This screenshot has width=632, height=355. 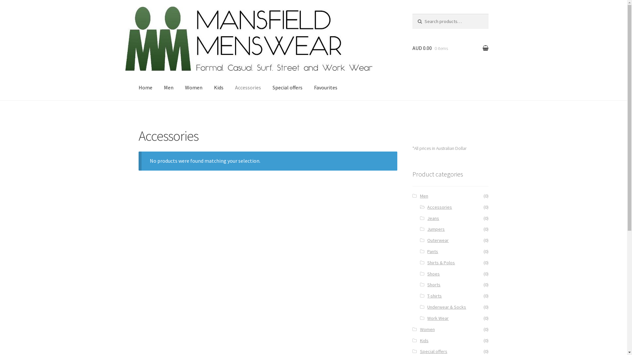 I want to click on 'Search', so click(x=426, y=20).